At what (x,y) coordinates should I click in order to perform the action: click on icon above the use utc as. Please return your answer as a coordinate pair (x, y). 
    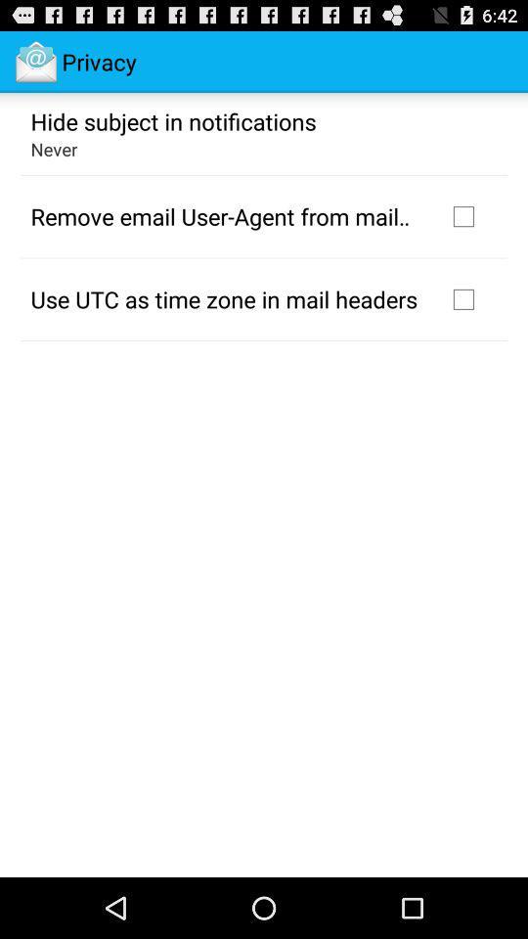
    Looking at the image, I should click on (225, 216).